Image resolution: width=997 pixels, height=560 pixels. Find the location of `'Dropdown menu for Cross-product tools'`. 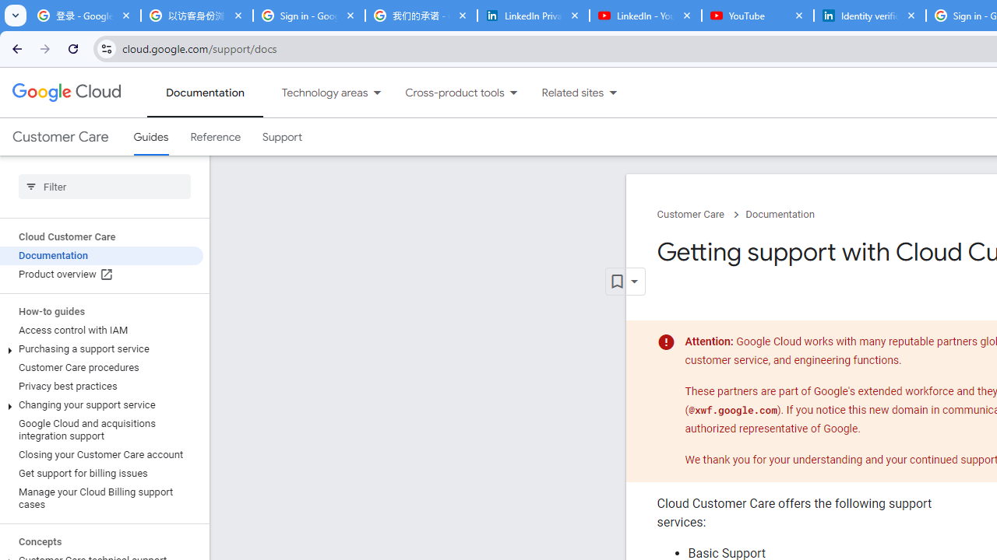

'Dropdown menu for Cross-product tools' is located at coordinates (513, 93).